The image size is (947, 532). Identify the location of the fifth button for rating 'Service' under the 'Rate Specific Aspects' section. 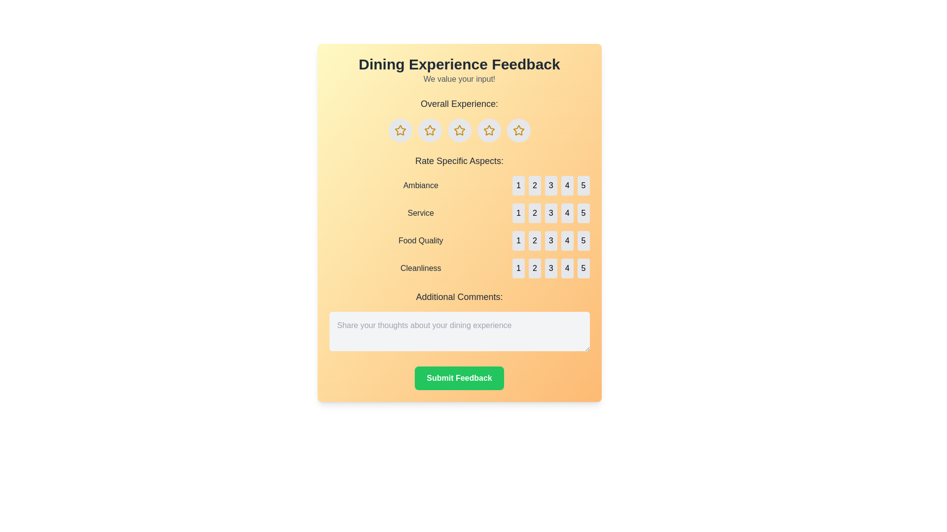
(583, 212).